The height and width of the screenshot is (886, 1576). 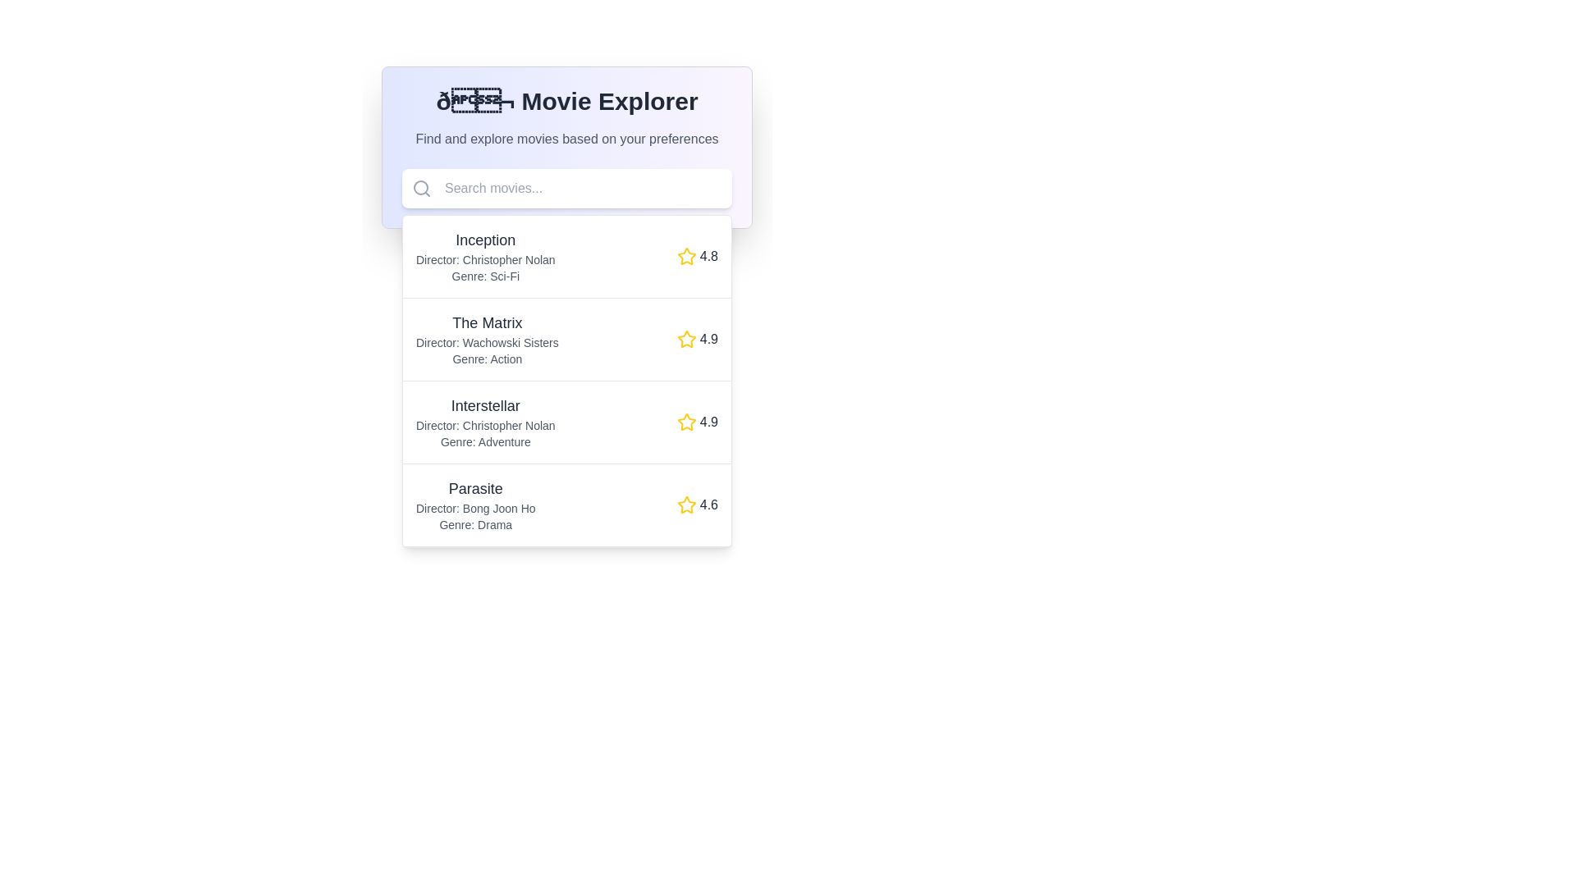 What do you see at coordinates (567, 101) in the screenshot?
I see `the text label titled '🎬 Movie Explorer', which is prominently displayed in bold and large dark gray font at the top of the movie exploring application interface` at bounding box center [567, 101].